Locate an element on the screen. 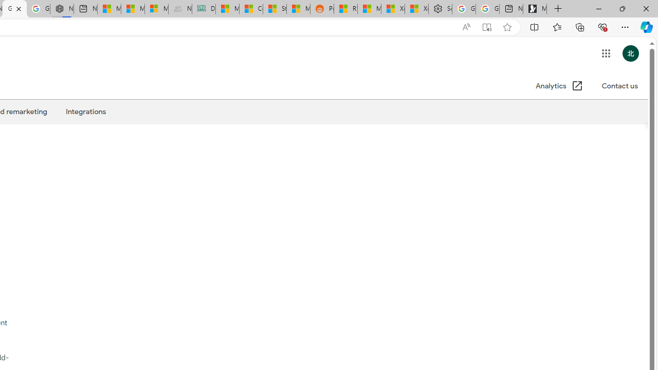  'MSNBC - MSN' is located at coordinates (227, 9).